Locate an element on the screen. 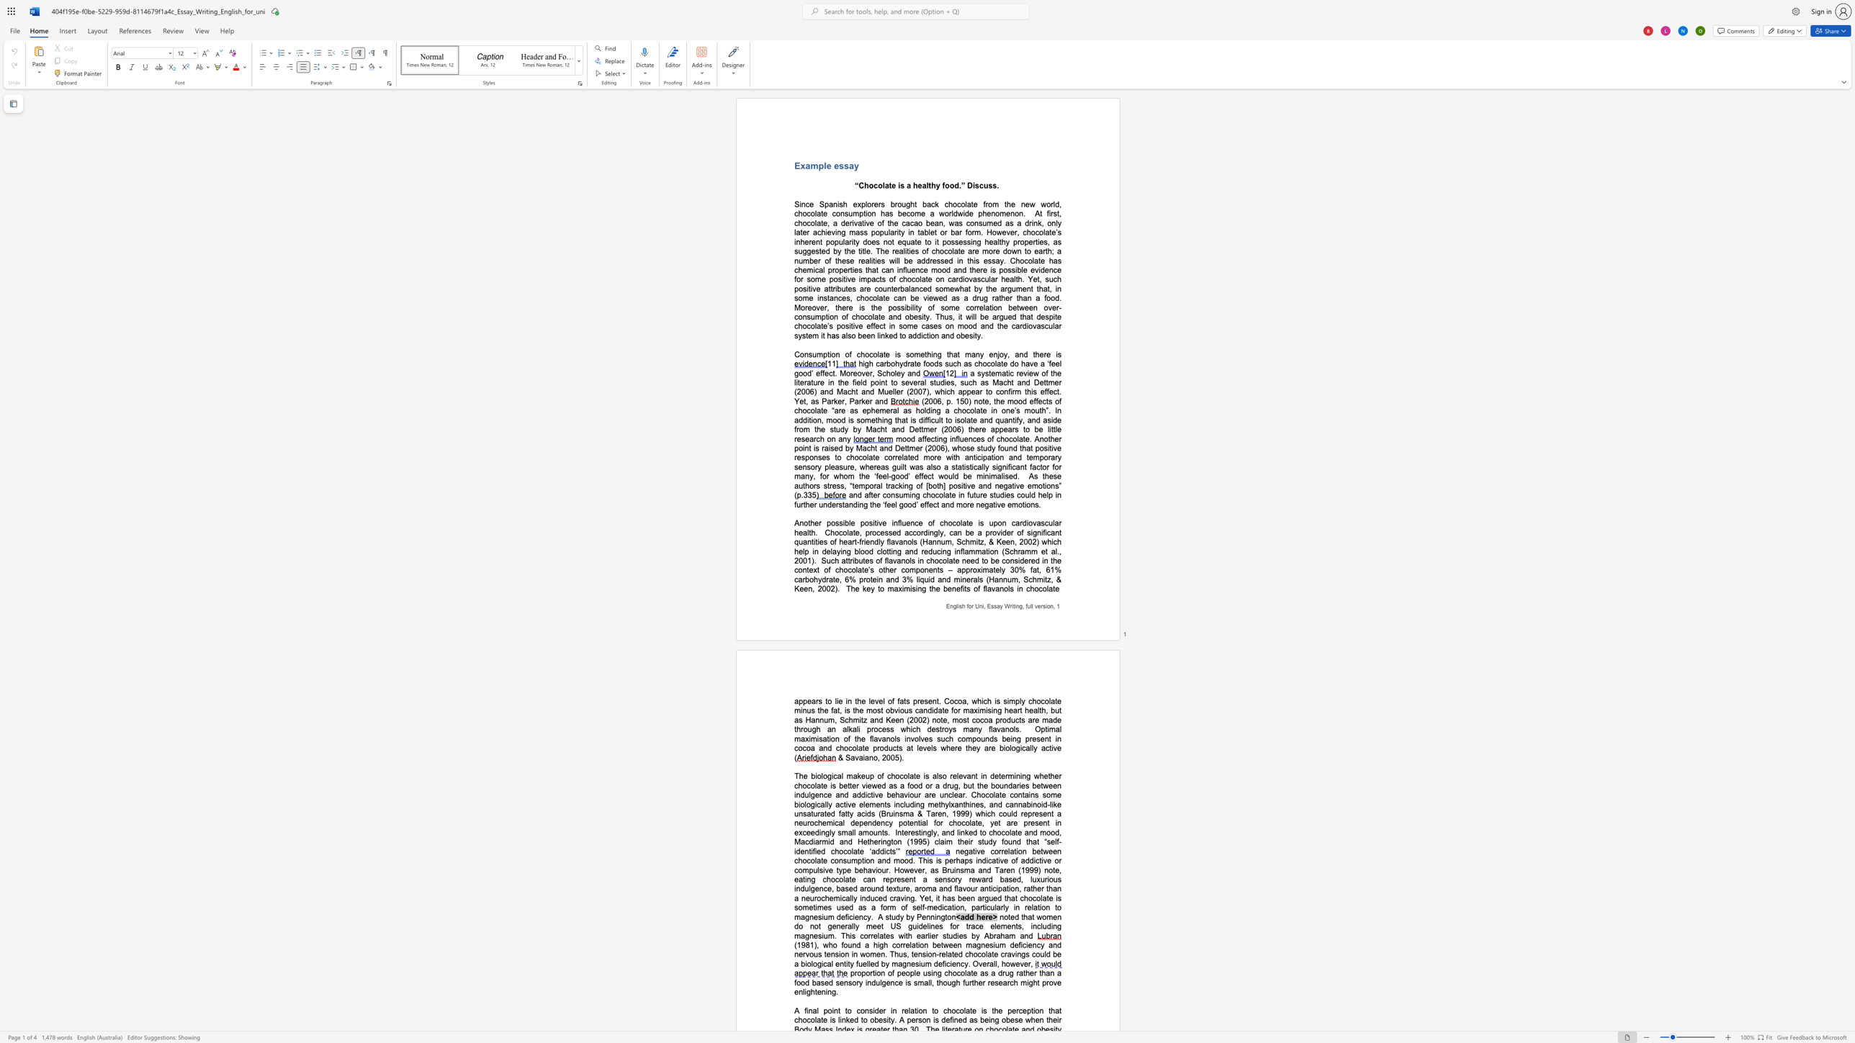 This screenshot has height=1043, width=1855. the 1th character "K" in the text is located at coordinates (999, 541).